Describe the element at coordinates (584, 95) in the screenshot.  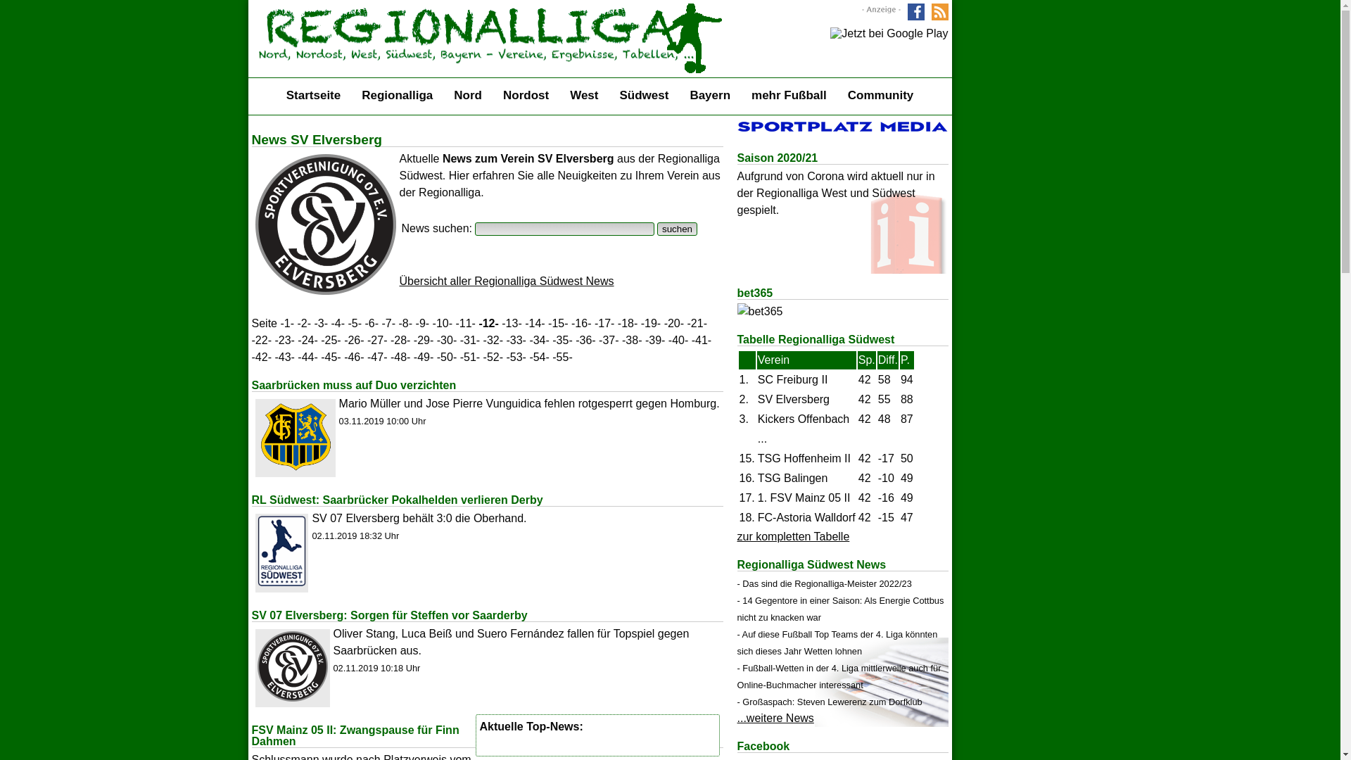
I see `'West'` at that location.